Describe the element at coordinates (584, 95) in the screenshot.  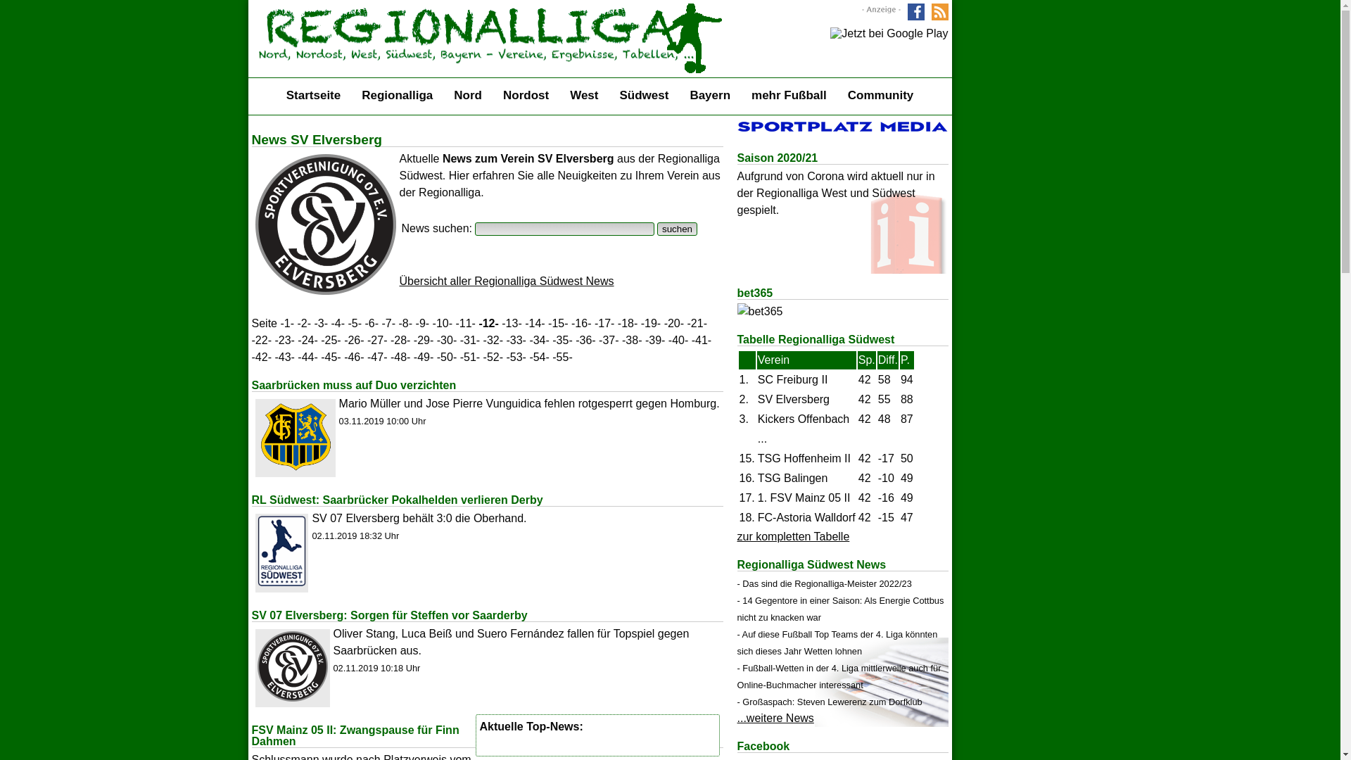
I see `'West'` at that location.